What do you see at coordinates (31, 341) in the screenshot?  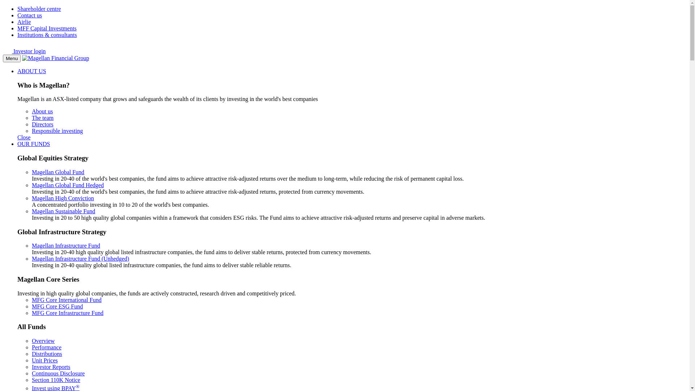 I see `'Overview'` at bounding box center [31, 341].